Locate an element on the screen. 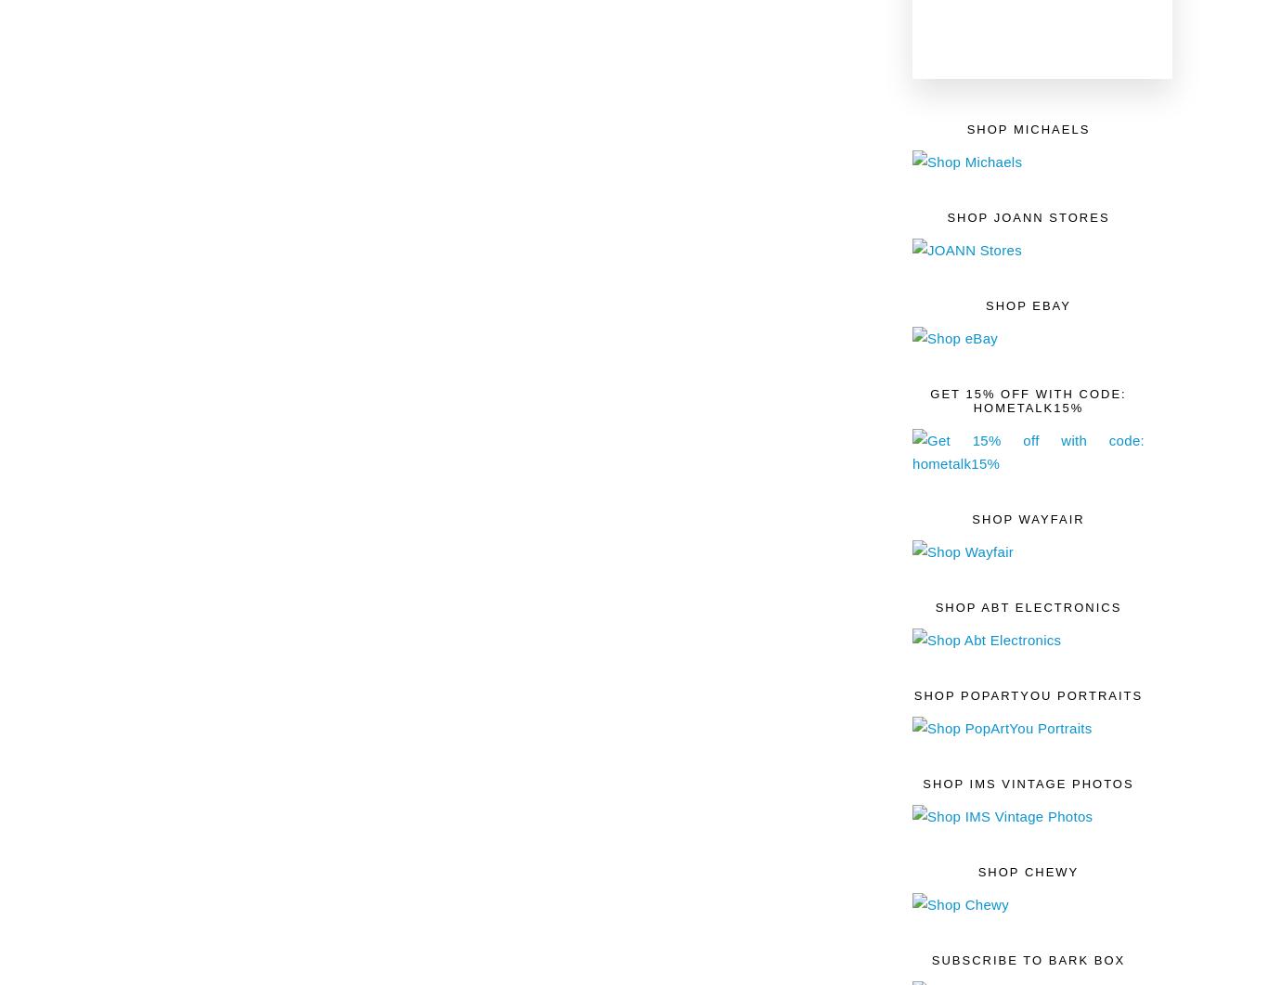 This screenshot has width=1268, height=985. 'Shop Joann Stores' is located at coordinates (1027, 215).